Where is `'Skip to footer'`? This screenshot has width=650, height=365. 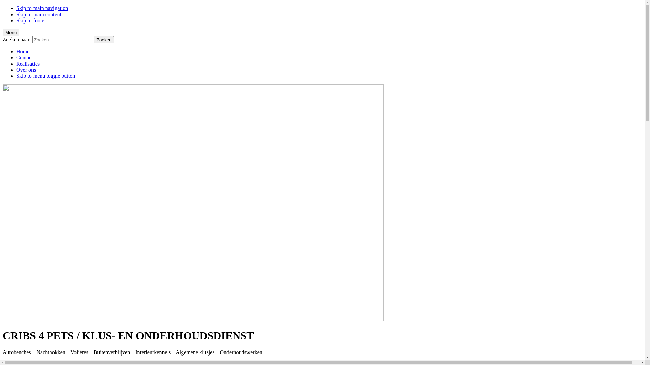
'Skip to footer' is located at coordinates (30, 20).